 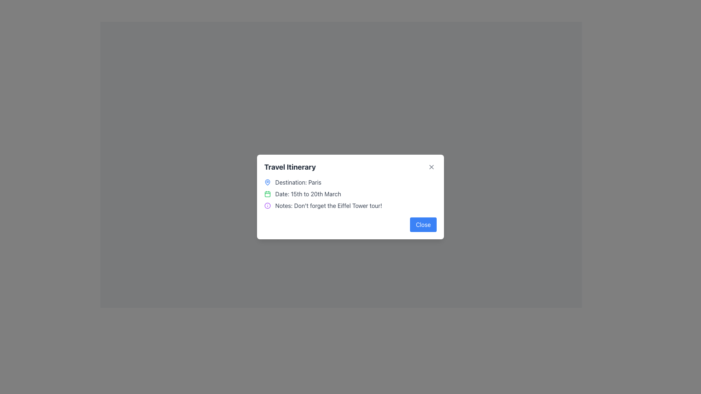 I want to click on the text label reading 'Date: 15th to 20th March', which is the second item in the list inside the dialog box, positioned below 'Destination: Paris' and above 'Notes: Don't forget the Eiffel Tower tour!', so click(x=308, y=194).